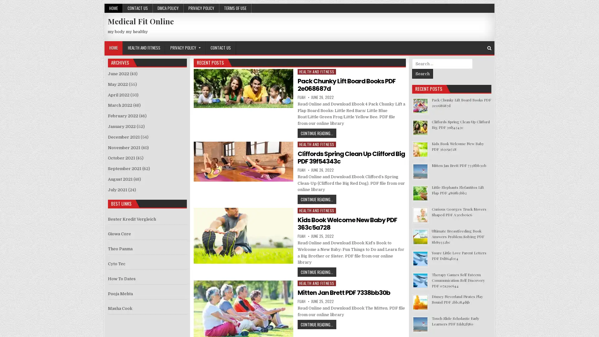 The height and width of the screenshot is (337, 599). Describe the element at coordinates (422, 73) in the screenshot. I see `Search` at that location.